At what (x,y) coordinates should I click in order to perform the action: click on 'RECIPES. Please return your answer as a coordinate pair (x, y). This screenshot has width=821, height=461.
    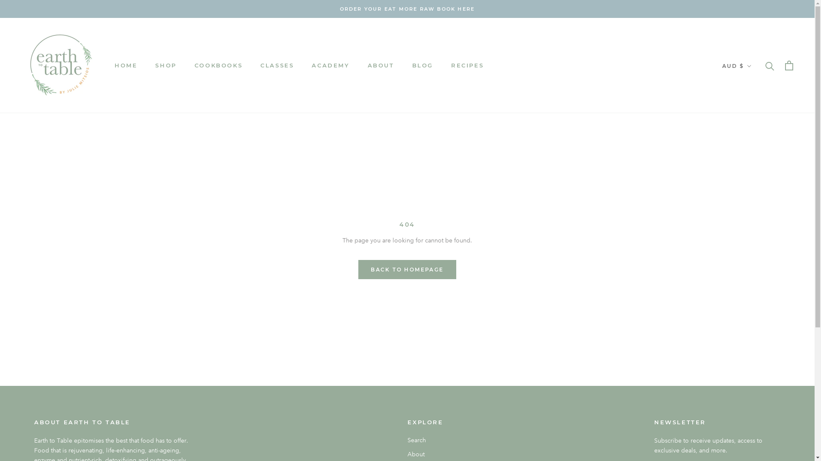
    Looking at the image, I should click on (467, 65).